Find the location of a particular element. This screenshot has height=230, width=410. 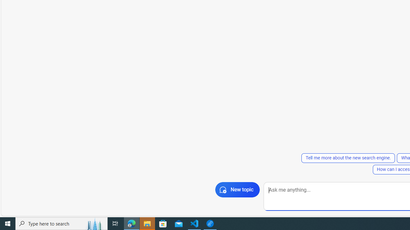

'Tell me more about the new search engine.' is located at coordinates (348, 158).